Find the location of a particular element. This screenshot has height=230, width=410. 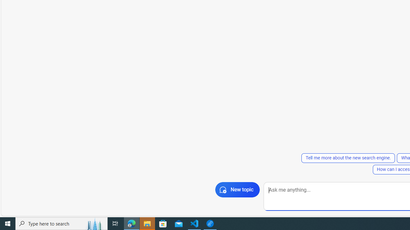

'Tell me more about the new search engine.' is located at coordinates (348, 158).